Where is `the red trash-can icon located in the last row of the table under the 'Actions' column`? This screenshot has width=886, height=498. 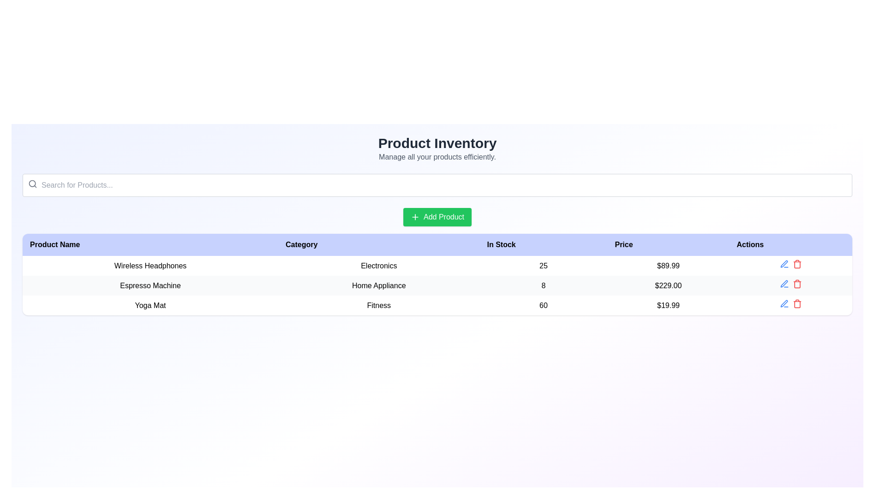
the red trash-can icon located in the last row of the table under the 'Actions' column is located at coordinates (796, 304).